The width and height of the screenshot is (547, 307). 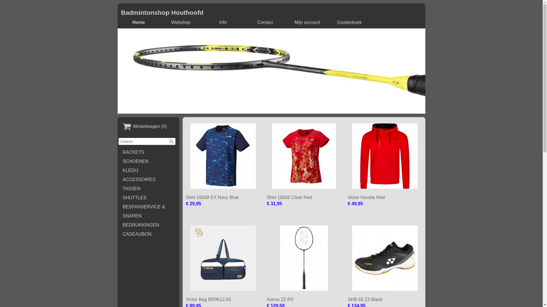 What do you see at coordinates (307, 22) in the screenshot?
I see `'Mijn account'` at bounding box center [307, 22].